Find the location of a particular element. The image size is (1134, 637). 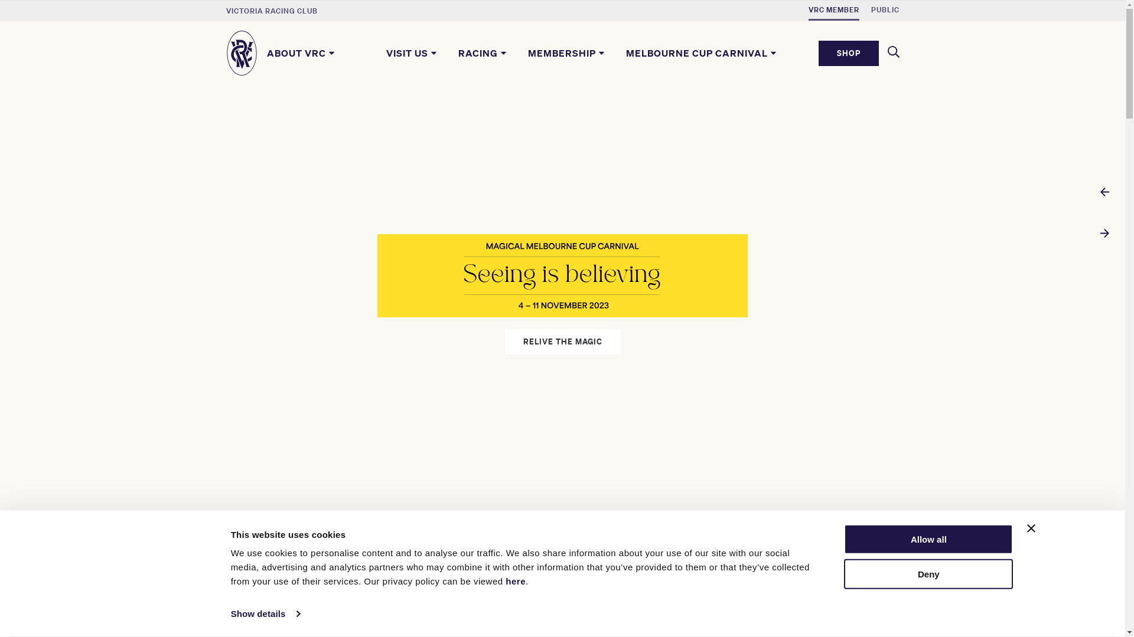

'Show details' is located at coordinates (265, 613).